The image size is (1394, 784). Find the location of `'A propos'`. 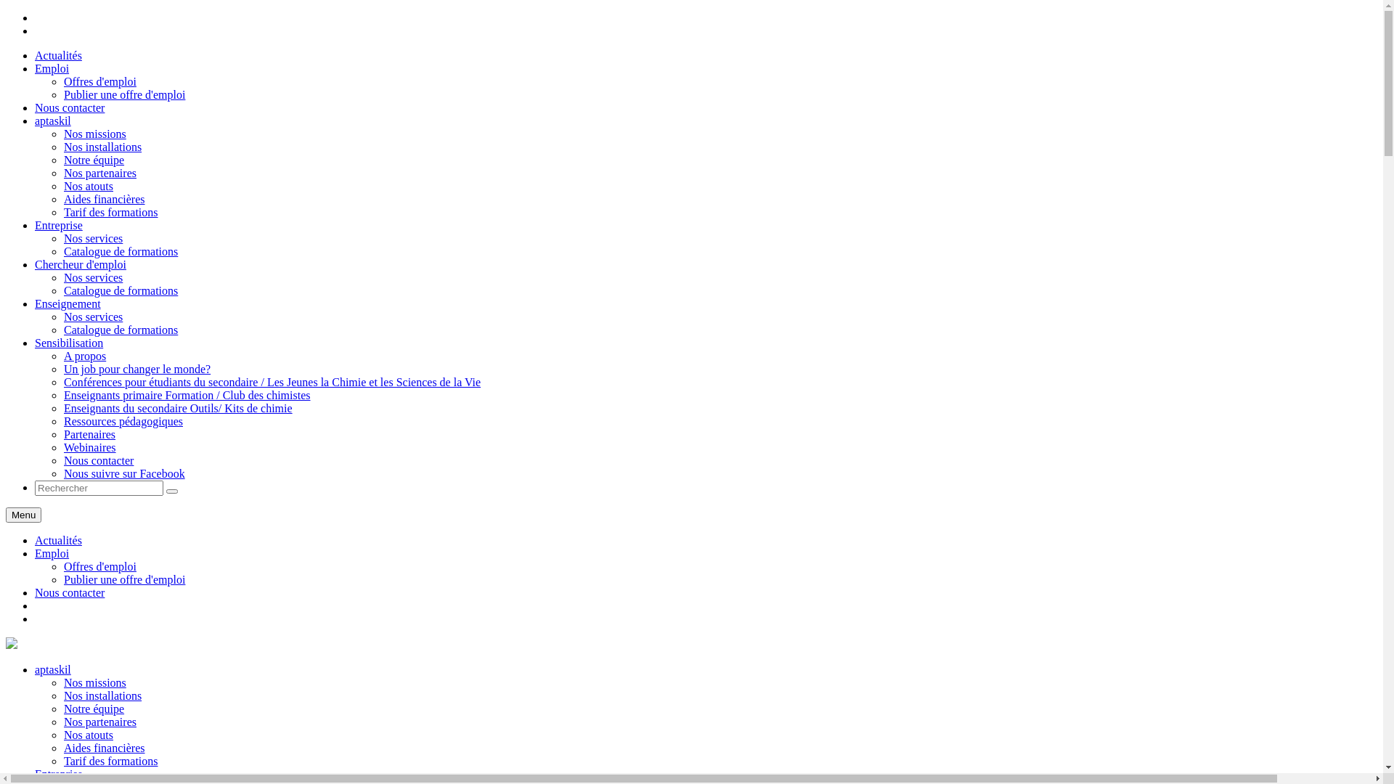

'A propos' is located at coordinates (83, 356).